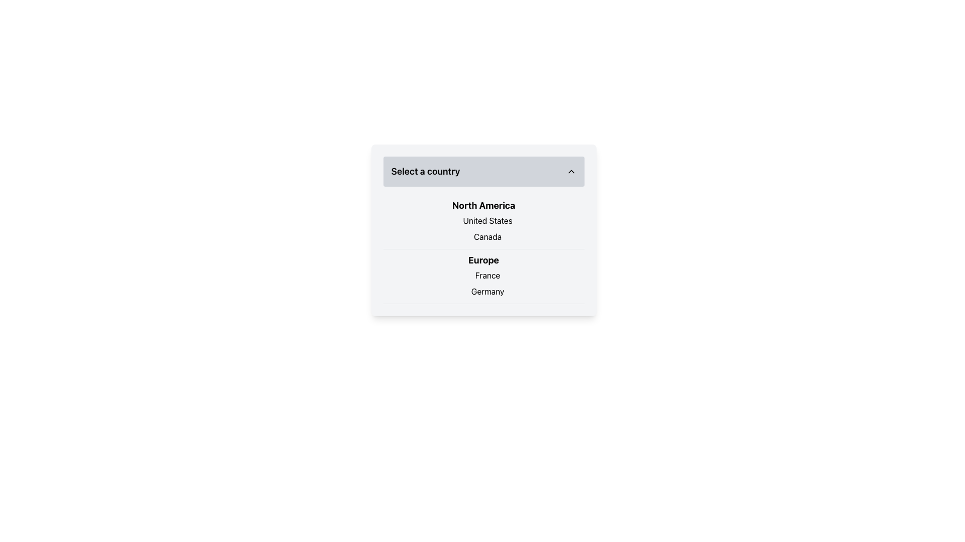 The image size is (965, 542). Describe the element at coordinates (484, 277) in the screenshot. I see `the 'France' option within the grouped list item under the 'Europe' section of the dropdown menu` at that location.